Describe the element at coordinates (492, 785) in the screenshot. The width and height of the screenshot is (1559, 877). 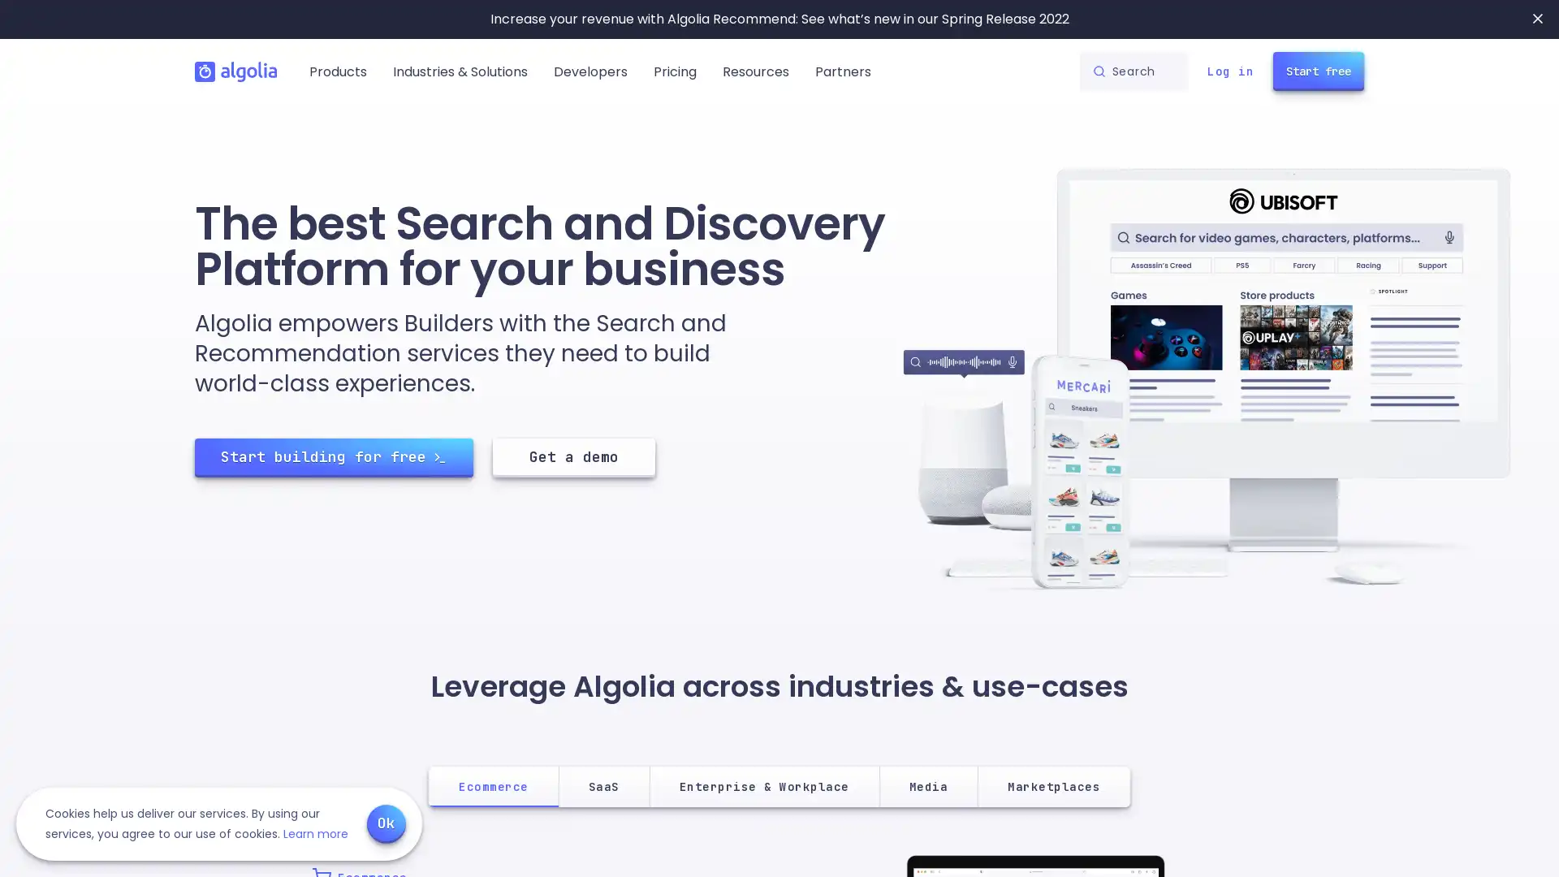
I see `Ecommerce` at that location.